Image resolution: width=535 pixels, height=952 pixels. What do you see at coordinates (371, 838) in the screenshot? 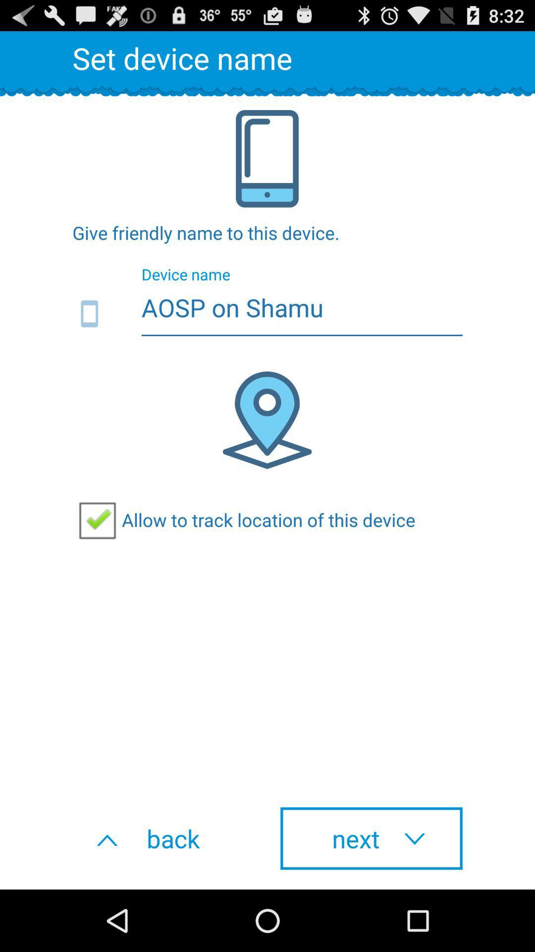
I see `the checkbox below the allow to track item` at bounding box center [371, 838].